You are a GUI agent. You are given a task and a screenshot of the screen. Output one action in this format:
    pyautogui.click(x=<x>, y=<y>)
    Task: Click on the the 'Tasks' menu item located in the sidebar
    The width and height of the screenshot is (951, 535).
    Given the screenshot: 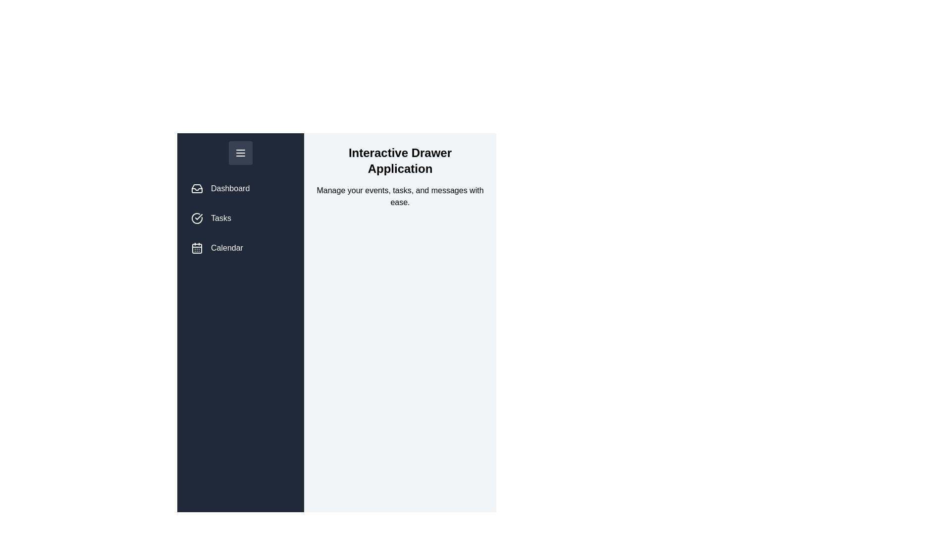 What is the action you would take?
    pyautogui.click(x=240, y=201)
    